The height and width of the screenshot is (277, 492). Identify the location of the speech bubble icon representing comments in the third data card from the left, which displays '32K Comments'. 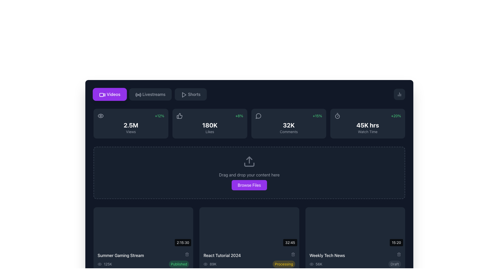
(258, 116).